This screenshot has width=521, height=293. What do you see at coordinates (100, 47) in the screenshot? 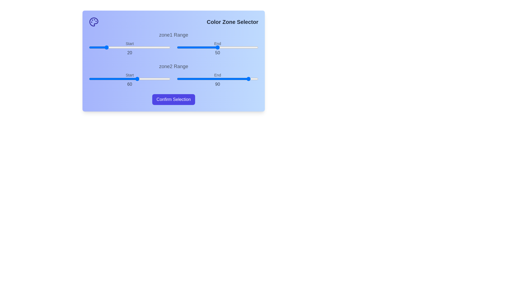
I see `the start range slider for zone1 to 14` at bounding box center [100, 47].